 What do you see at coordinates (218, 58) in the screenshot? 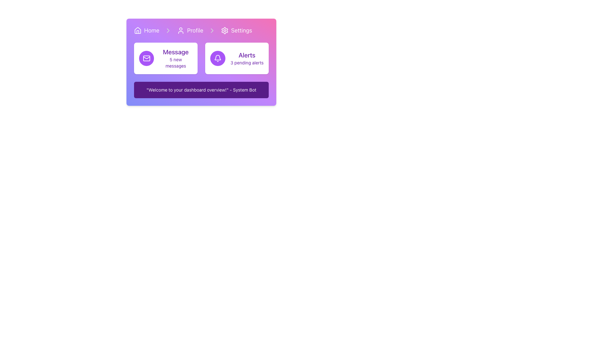
I see `the circular Icon Button with a purple background and a white bell icon, located in the 'Alerts' section` at bounding box center [218, 58].